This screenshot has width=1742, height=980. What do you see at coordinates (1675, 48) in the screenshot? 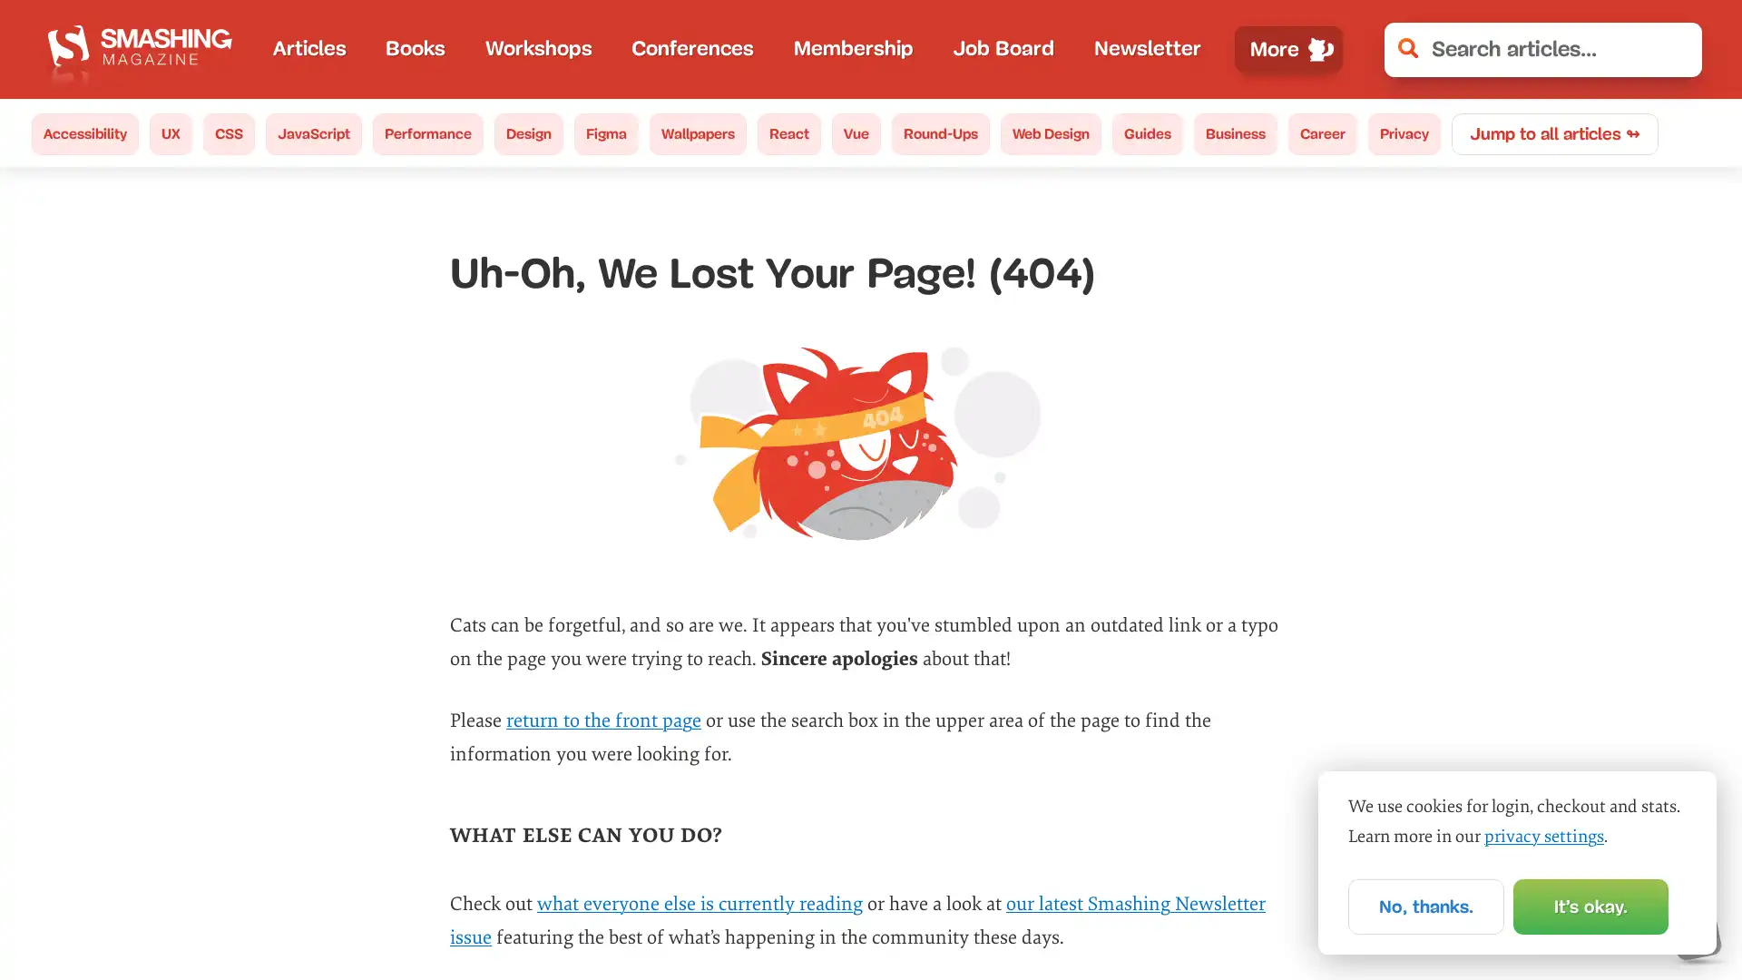
I see `Clear Search` at bounding box center [1675, 48].